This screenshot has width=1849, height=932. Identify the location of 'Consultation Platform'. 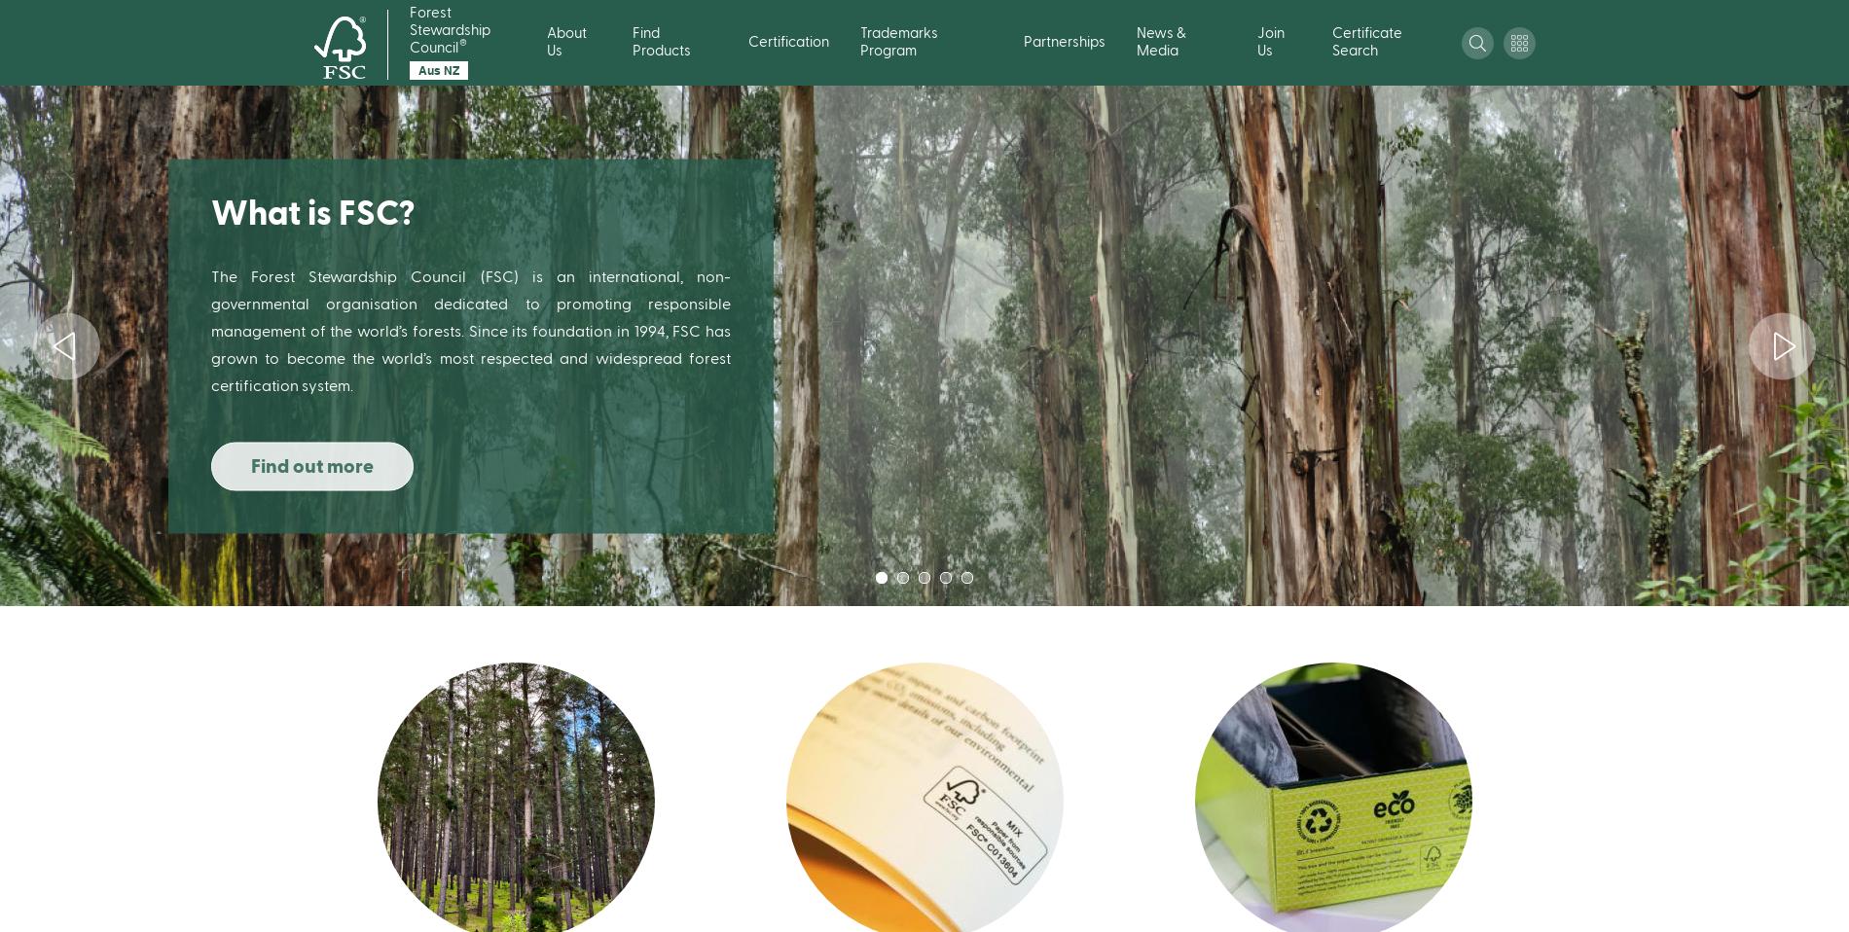
(1494, 327).